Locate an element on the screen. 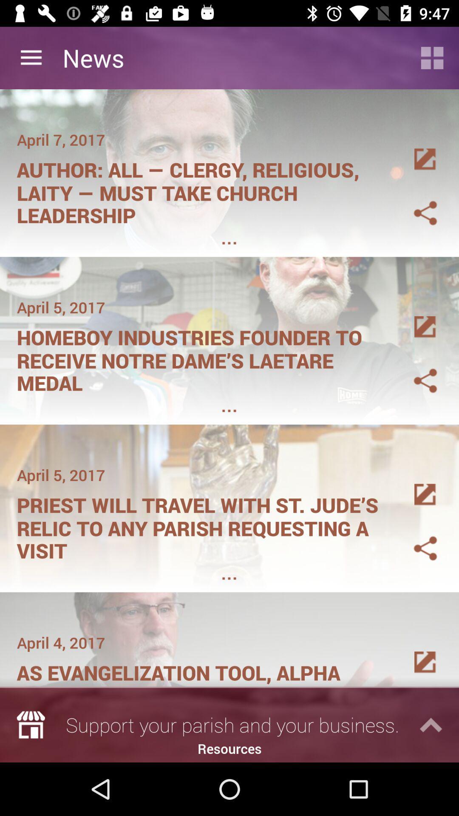  press the details is located at coordinates (415, 484).